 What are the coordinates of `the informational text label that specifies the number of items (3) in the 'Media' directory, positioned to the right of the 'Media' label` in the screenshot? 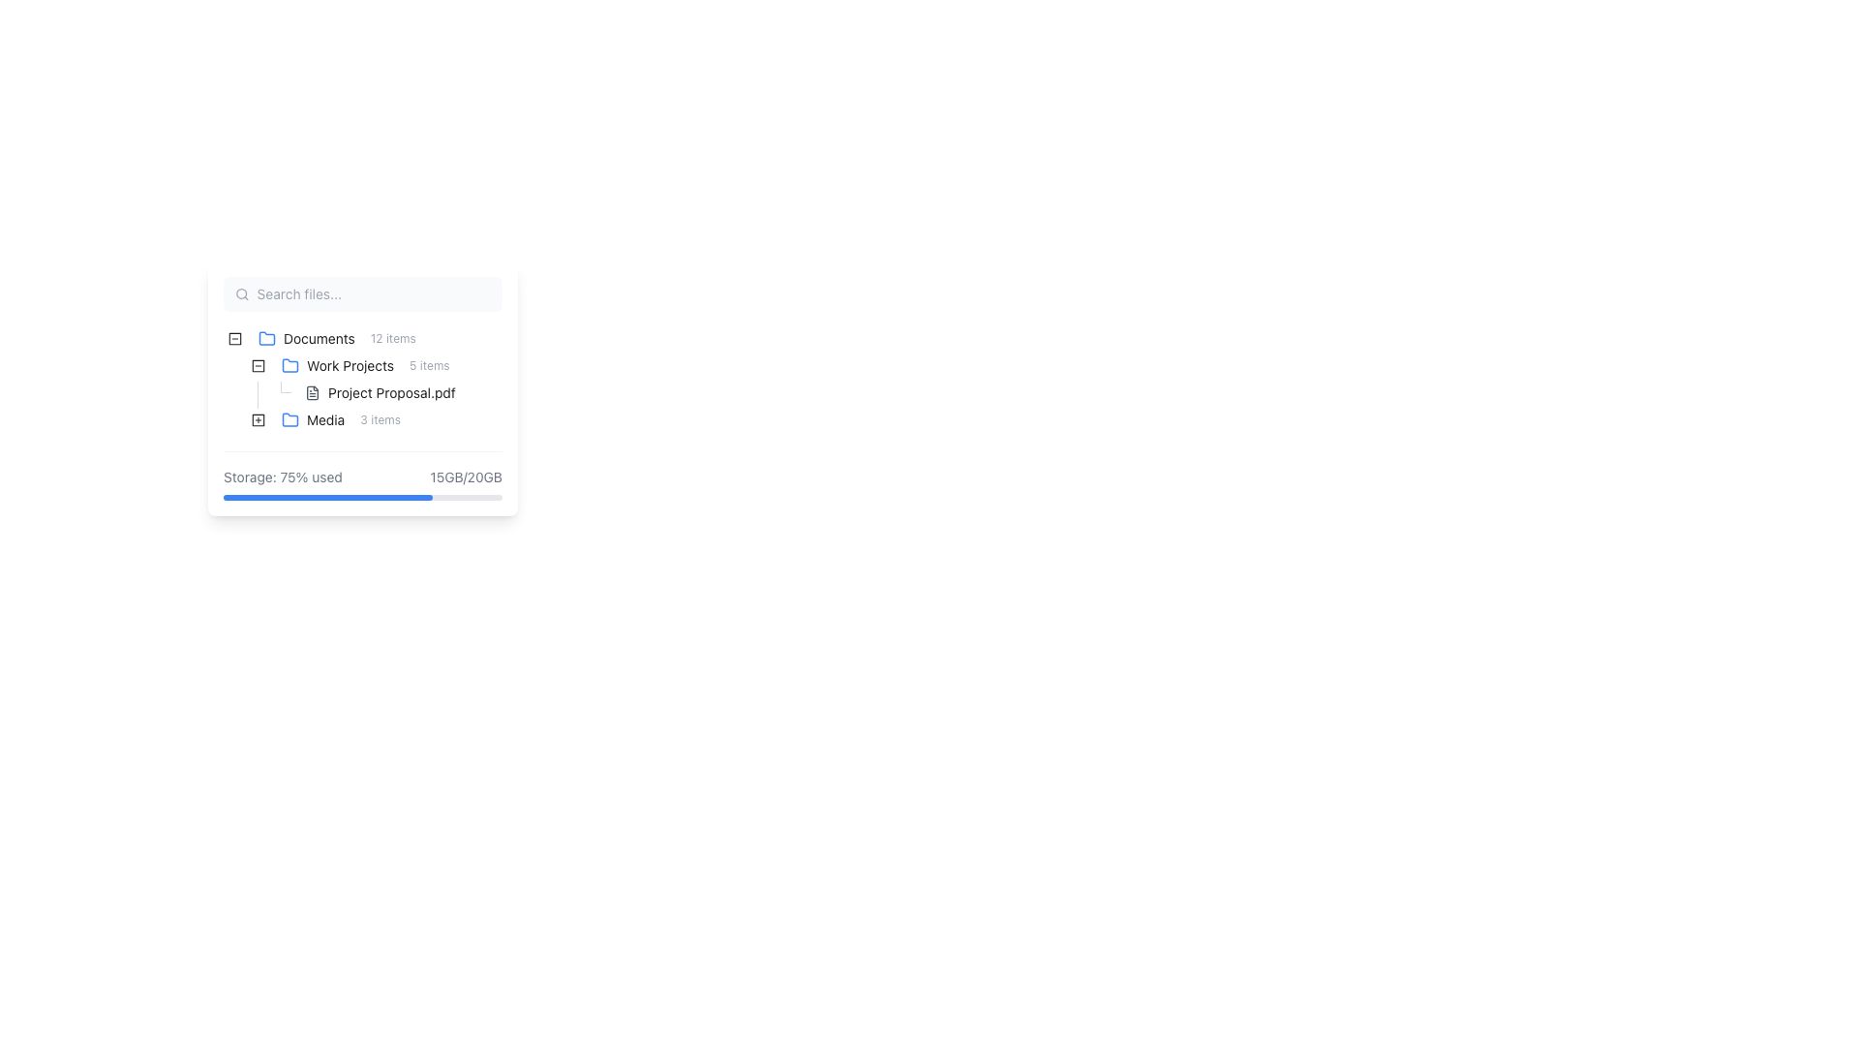 It's located at (381, 419).